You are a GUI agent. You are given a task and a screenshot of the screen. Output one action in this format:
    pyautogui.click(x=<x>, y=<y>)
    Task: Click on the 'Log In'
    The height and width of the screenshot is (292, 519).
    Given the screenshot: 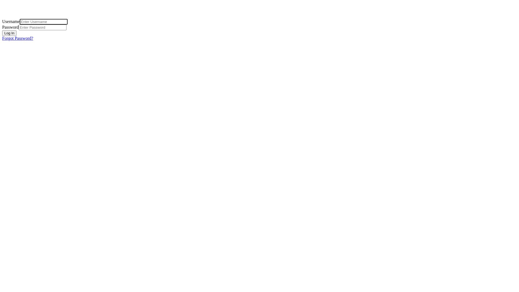 What is the action you would take?
    pyautogui.click(x=9, y=33)
    